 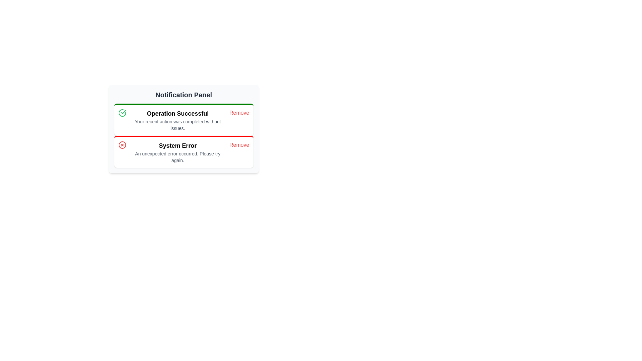 I want to click on message displayed in the text block stating 'An unexpected error occurred. Please try again.' which is located below the bold text 'System Error' in a notification card, so click(x=178, y=157).